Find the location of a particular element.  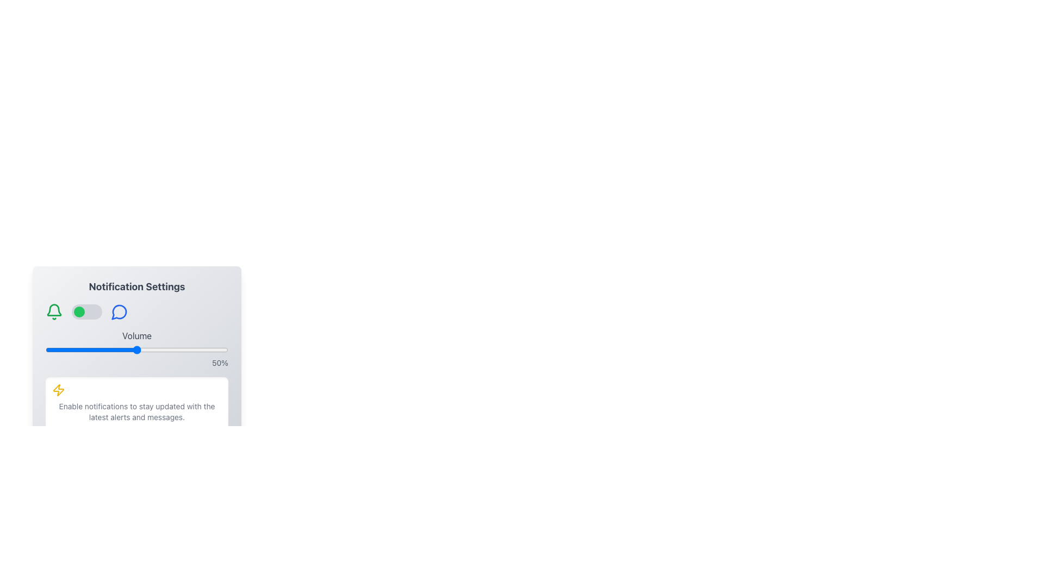

the volume is located at coordinates (202, 350).